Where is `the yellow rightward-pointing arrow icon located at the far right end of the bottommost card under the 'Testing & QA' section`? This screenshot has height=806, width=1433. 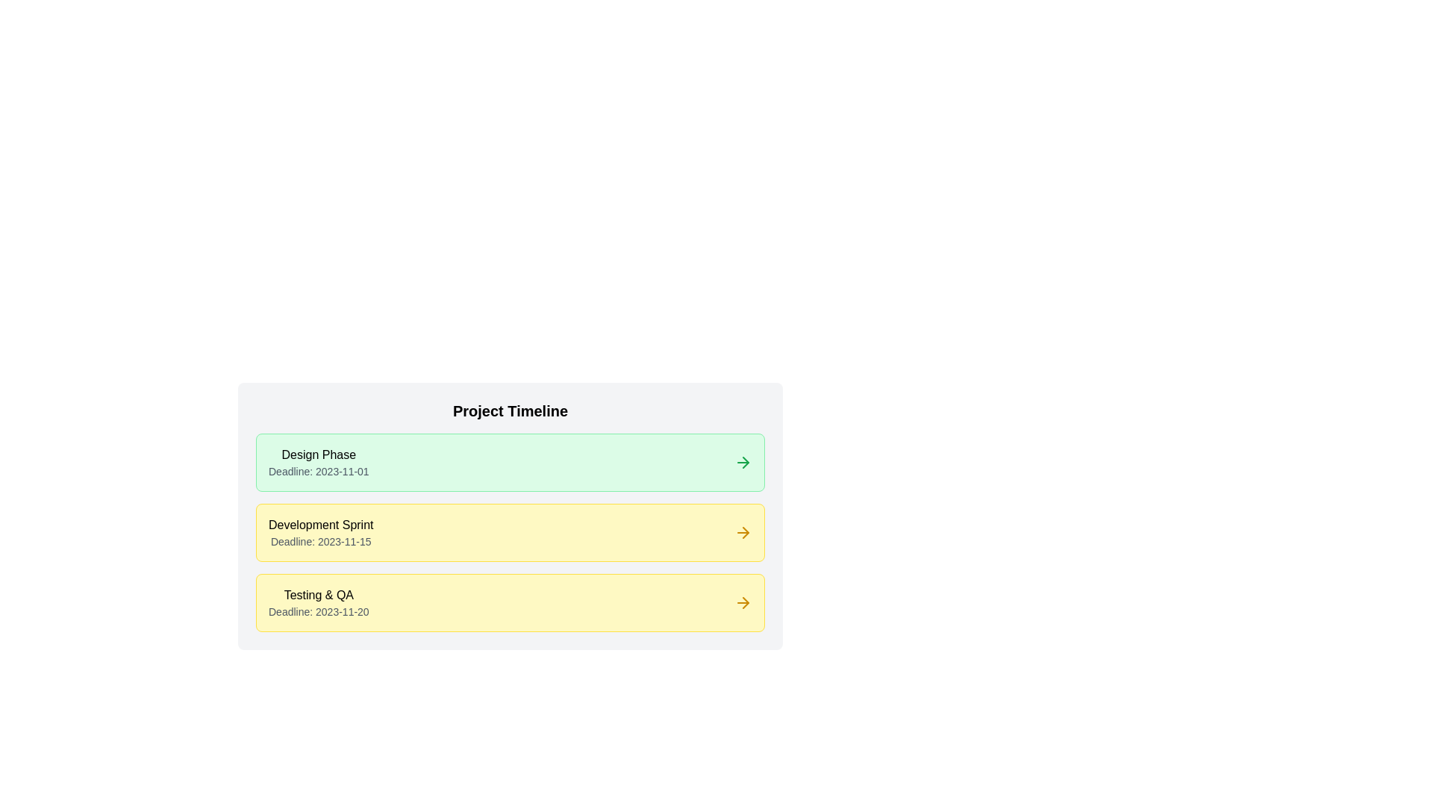
the yellow rightward-pointing arrow icon located at the far right end of the bottommost card under the 'Testing & QA' section is located at coordinates (746, 602).